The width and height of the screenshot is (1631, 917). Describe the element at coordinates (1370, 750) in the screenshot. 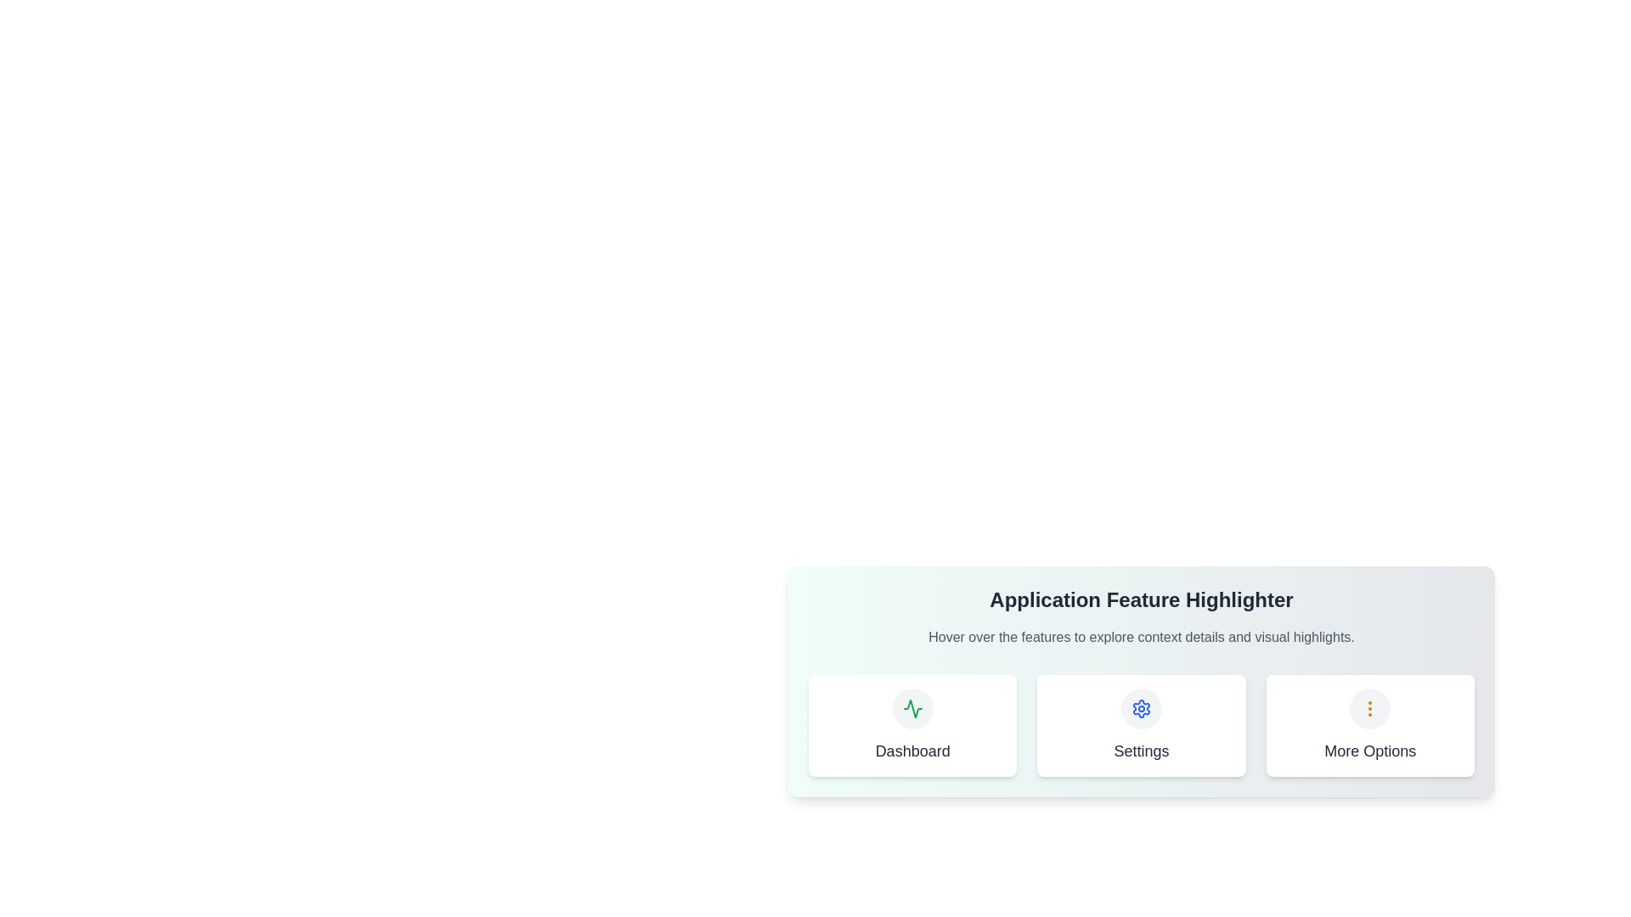

I see `the label that serves as a descriptive title for additional tools or administrative functionality, located within the rectangular card on the right side of the three-card group in the bottom-right section of the UI` at that location.